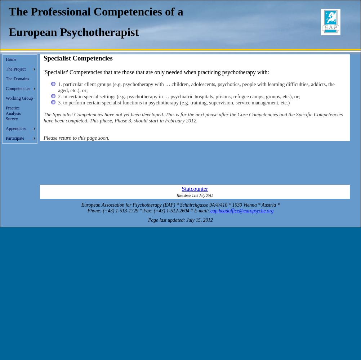 This screenshot has width=361, height=360. Describe the element at coordinates (242, 210) in the screenshot. I see `'eap.headoffice@europsyche.org'` at that location.